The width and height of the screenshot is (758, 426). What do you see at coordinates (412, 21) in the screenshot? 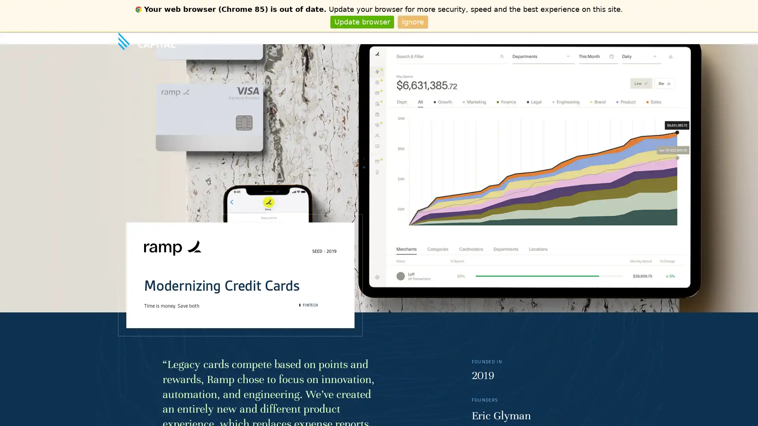
I see `Ignore` at bounding box center [412, 21].